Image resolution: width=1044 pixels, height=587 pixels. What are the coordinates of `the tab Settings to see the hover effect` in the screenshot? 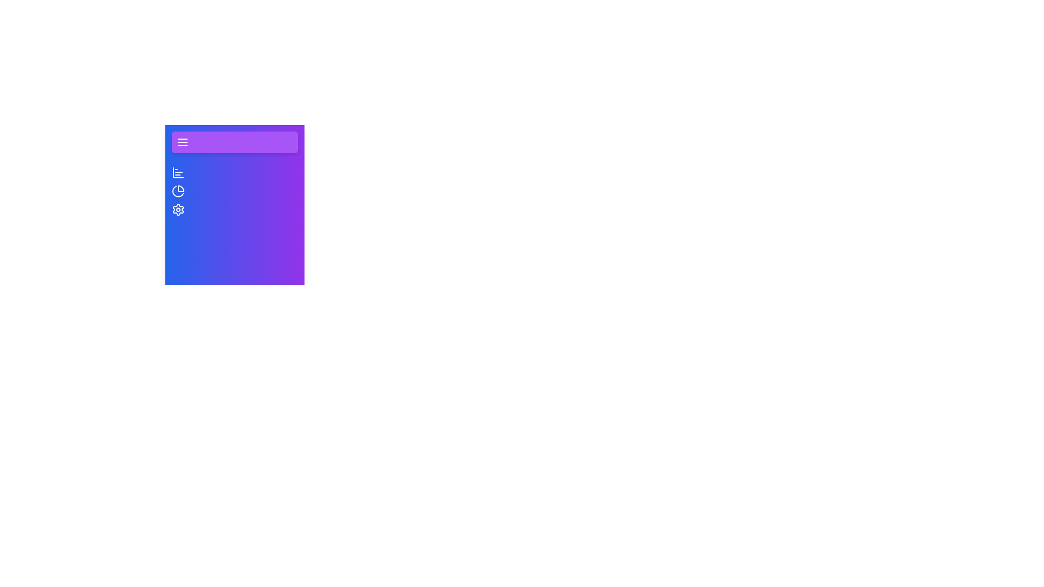 It's located at (178, 209).